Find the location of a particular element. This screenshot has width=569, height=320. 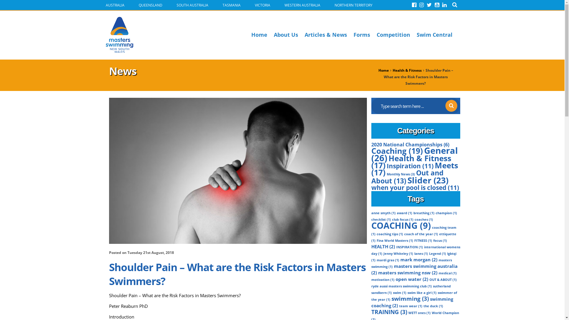

'anne smyth (1)' is located at coordinates (383, 212).